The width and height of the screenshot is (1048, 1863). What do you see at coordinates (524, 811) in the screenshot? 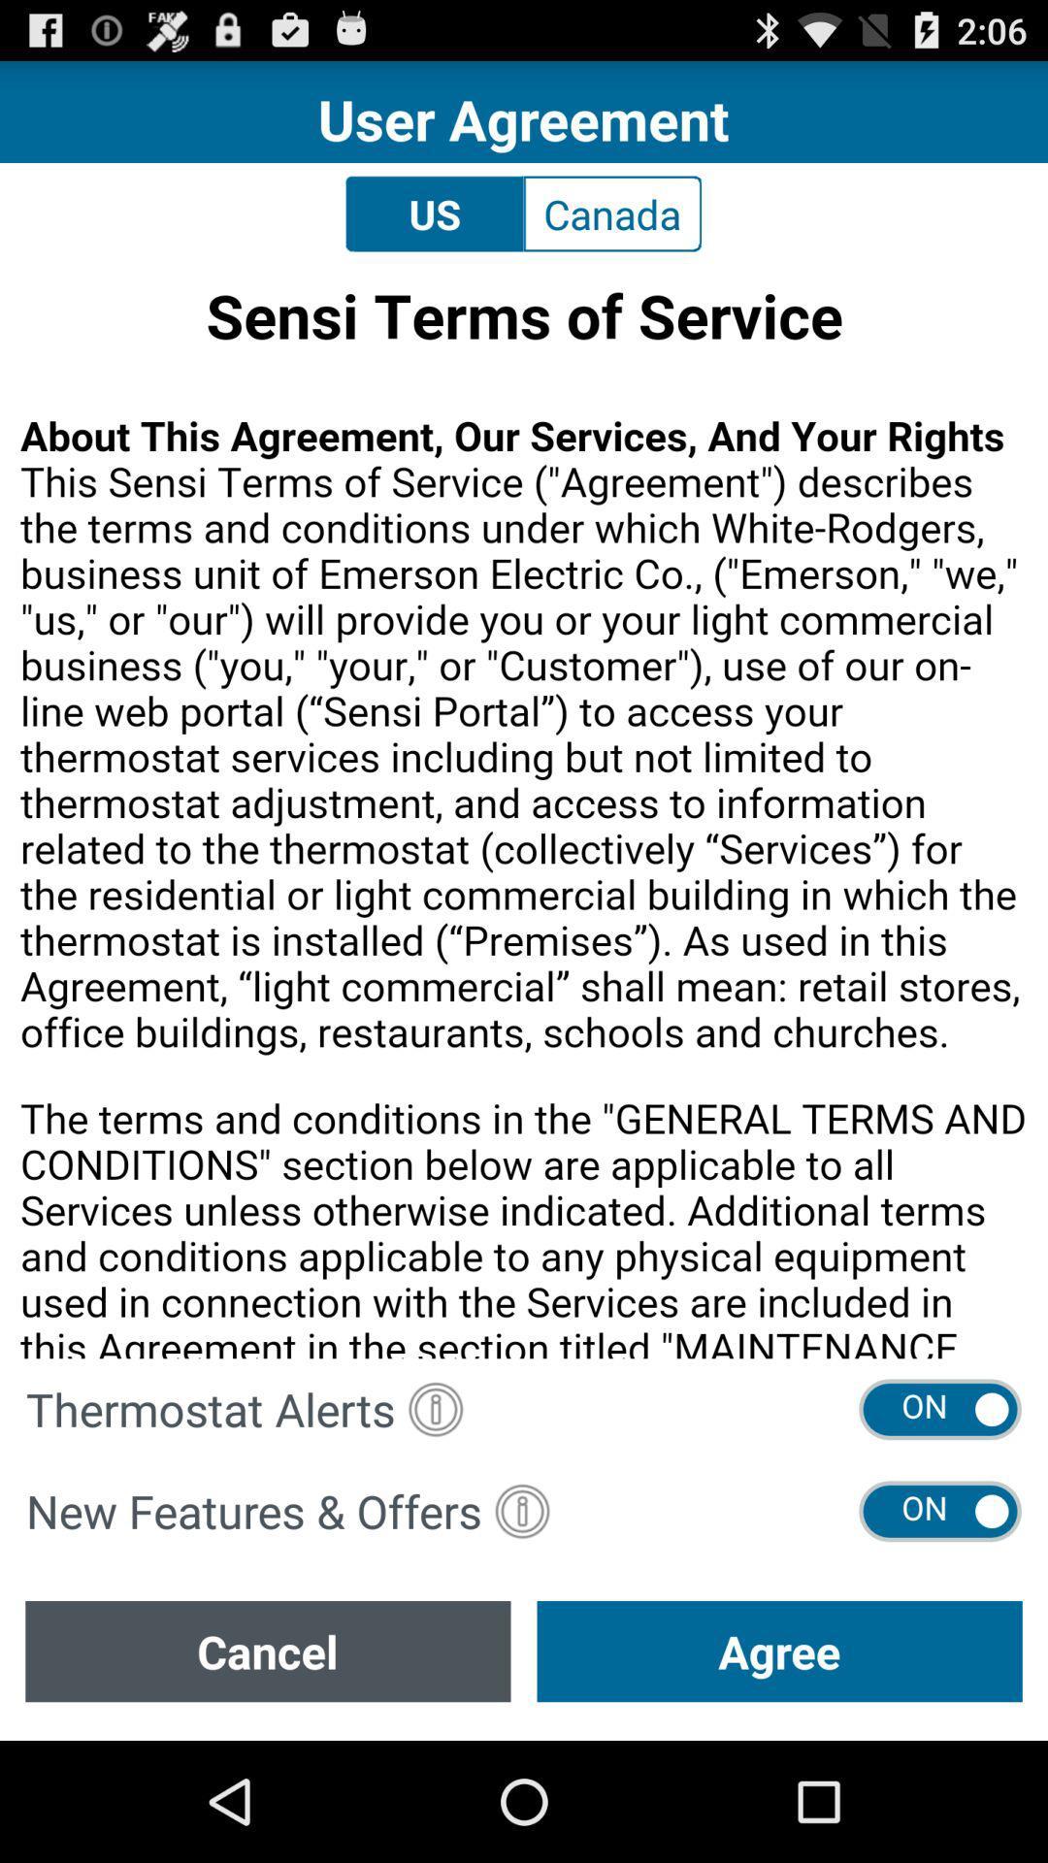
I see `privacy policy` at bounding box center [524, 811].